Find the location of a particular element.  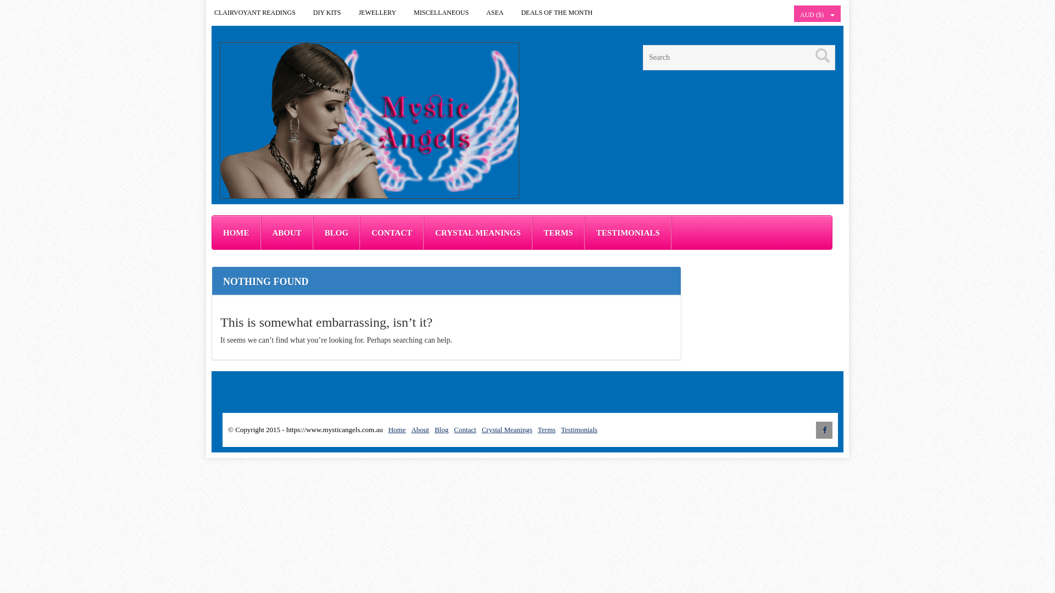

'BLOG' is located at coordinates (313, 232).